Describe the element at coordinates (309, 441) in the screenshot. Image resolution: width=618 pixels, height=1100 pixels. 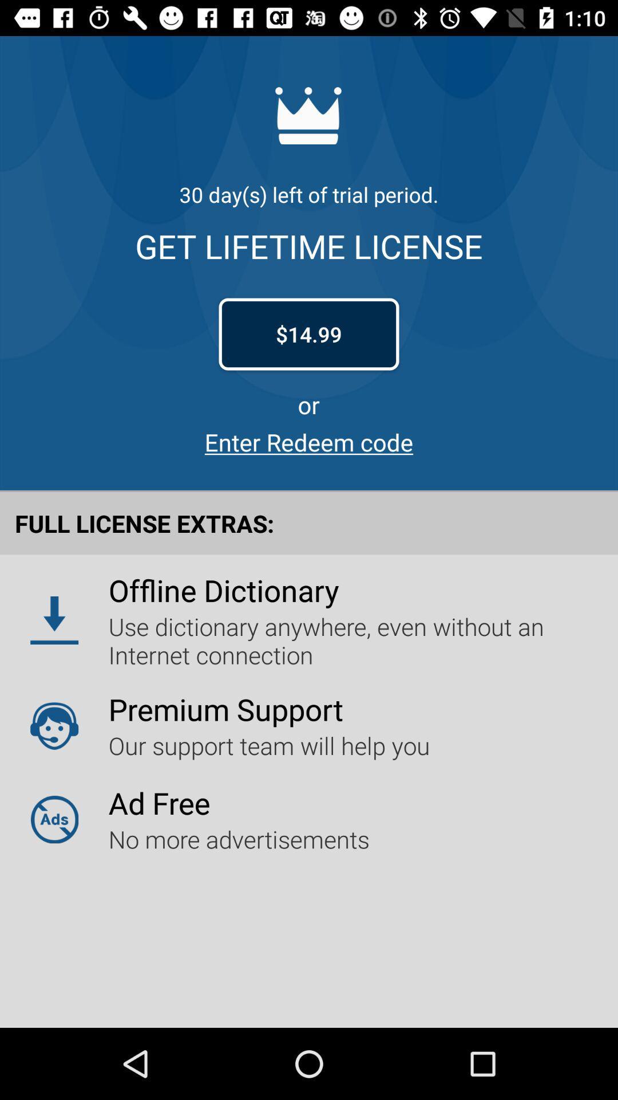
I see `app below the or` at that location.